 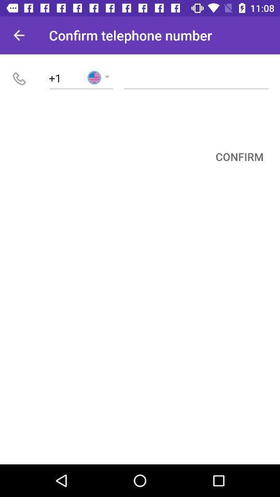 What do you see at coordinates (196, 77) in the screenshot?
I see `telephone number input box` at bounding box center [196, 77].